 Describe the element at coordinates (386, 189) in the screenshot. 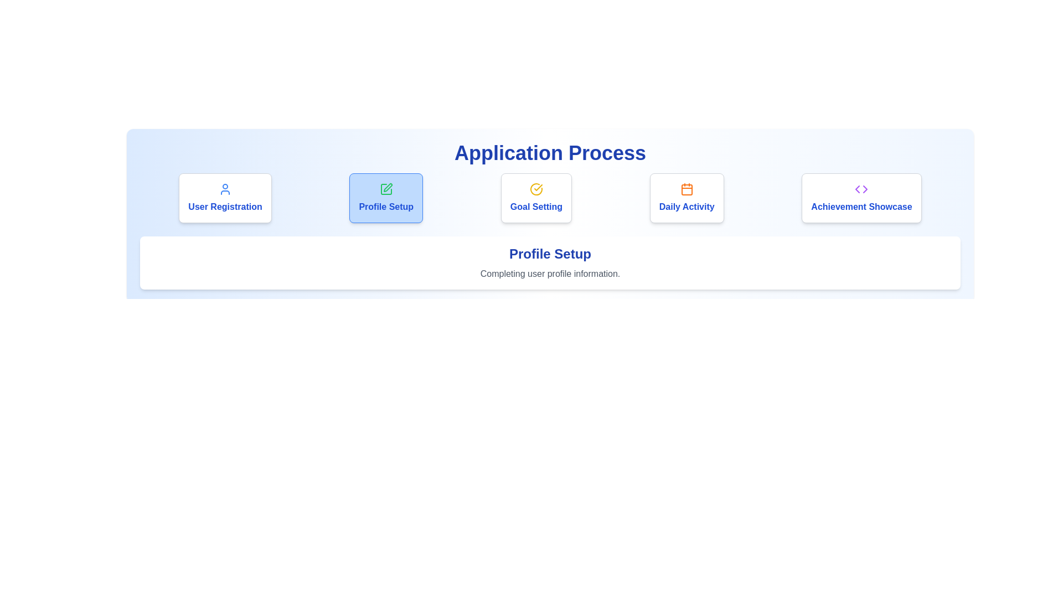

I see `the Profile Setup icon located centrally within the second card from the left in a horizontal row of cards, which symbolizes the action or concept of 'Profile Setup'` at that location.